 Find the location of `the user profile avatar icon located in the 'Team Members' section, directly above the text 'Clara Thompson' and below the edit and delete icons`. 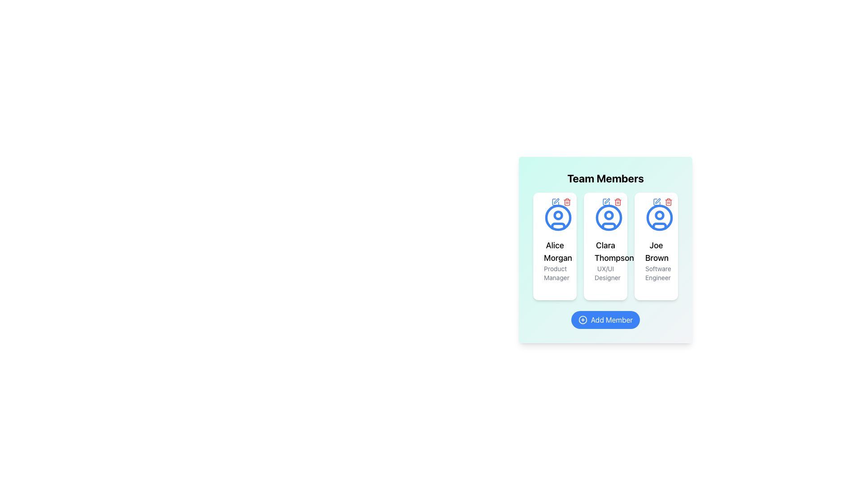

the user profile avatar icon located in the 'Team Members' section, directly above the text 'Clara Thompson' and below the edit and delete icons is located at coordinates (609, 218).